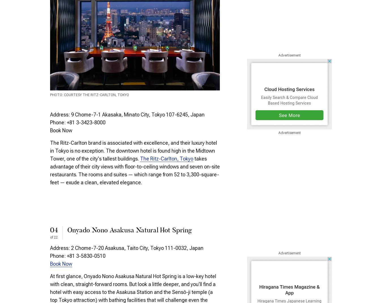 This screenshot has height=303, width=382. Describe the element at coordinates (54, 230) in the screenshot. I see `'04'` at that location.